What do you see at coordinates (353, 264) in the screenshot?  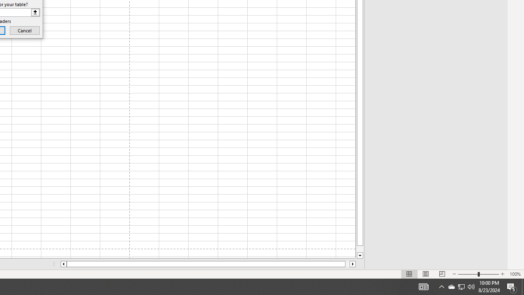 I see `'Column right'` at bounding box center [353, 264].